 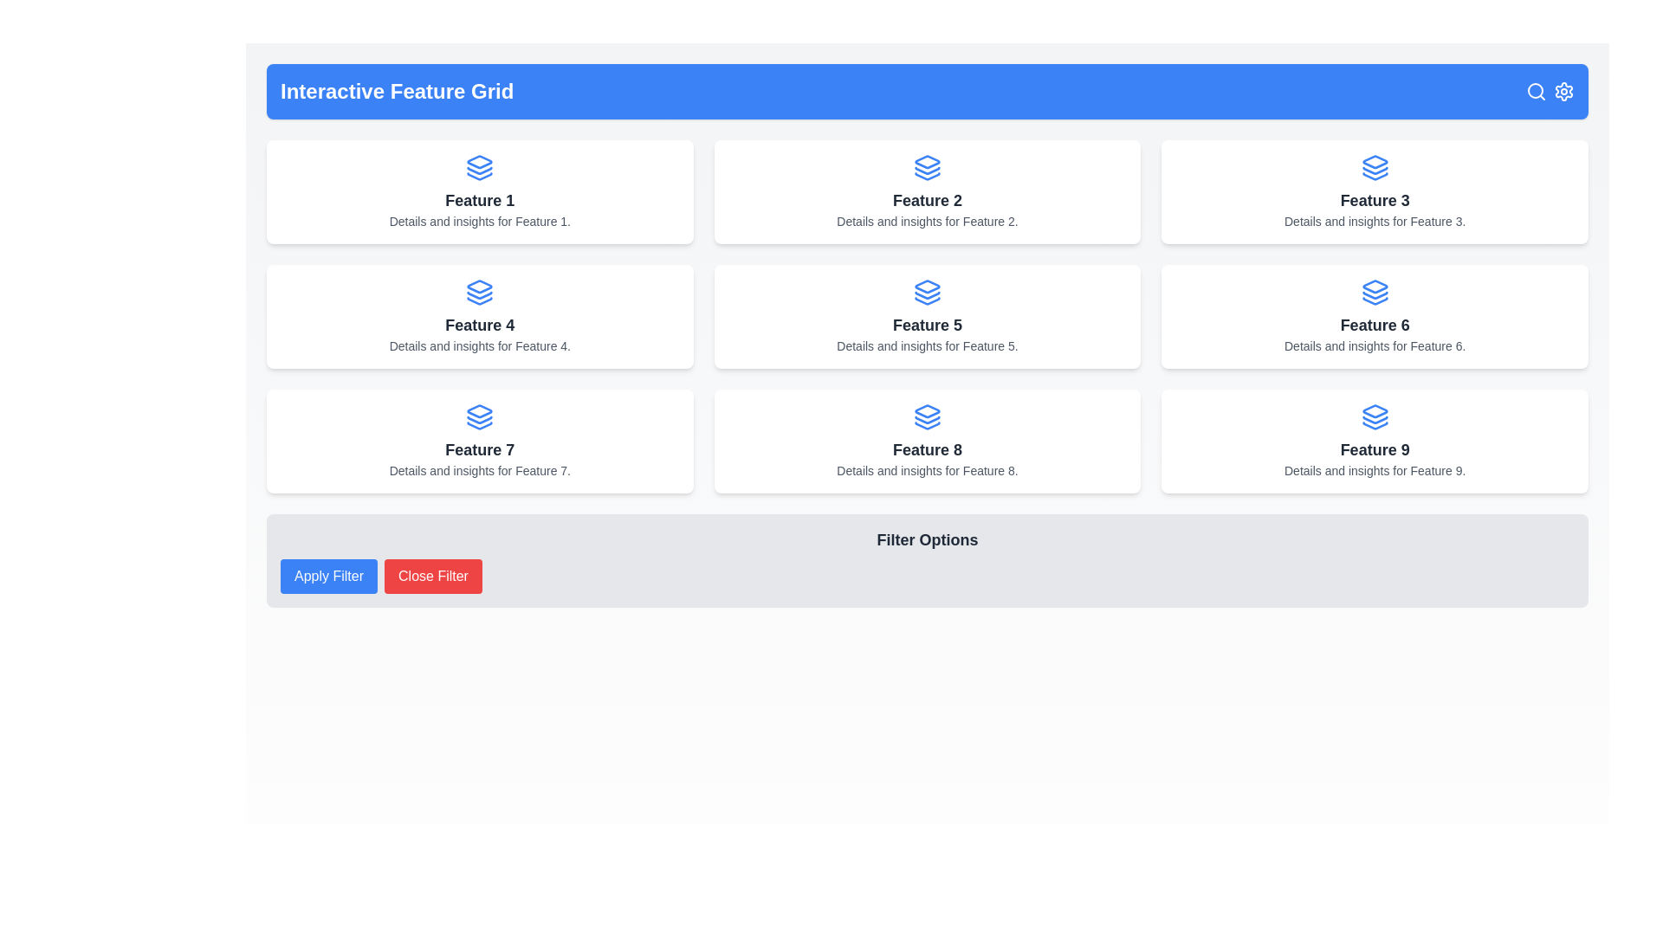 I want to click on the 'Close Filter' button, which has rounded corners and white text on a red background, located, so click(x=433, y=577).